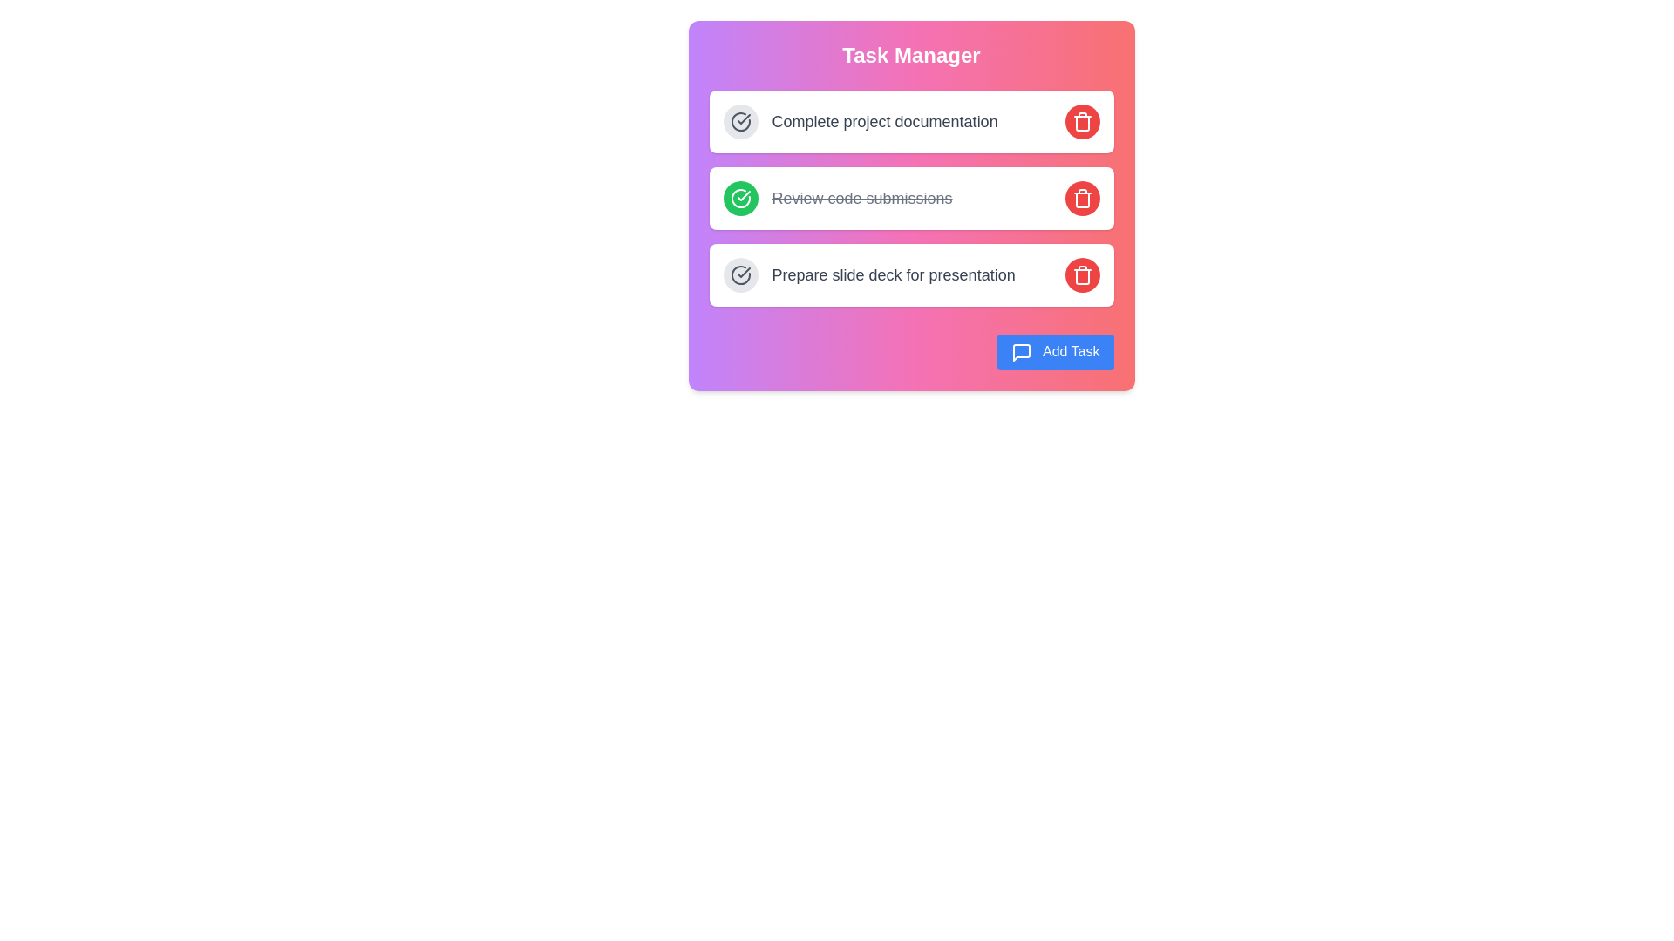  What do you see at coordinates (1081, 200) in the screenshot?
I see `the red-colored trash can icon button located in the second list item of the 'Task Manager' section` at bounding box center [1081, 200].